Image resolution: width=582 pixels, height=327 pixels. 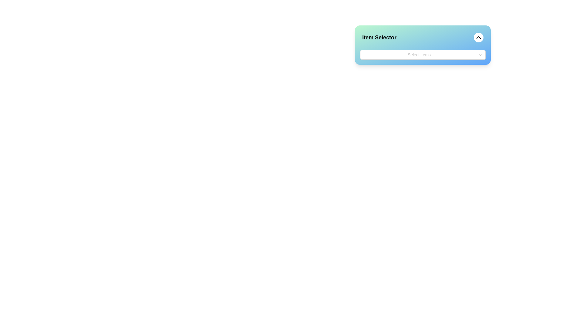 What do you see at coordinates (423, 55) in the screenshot?
I see `the Dropdown menu located below the header 'Item Selector'` at bounding box center [423, 55].